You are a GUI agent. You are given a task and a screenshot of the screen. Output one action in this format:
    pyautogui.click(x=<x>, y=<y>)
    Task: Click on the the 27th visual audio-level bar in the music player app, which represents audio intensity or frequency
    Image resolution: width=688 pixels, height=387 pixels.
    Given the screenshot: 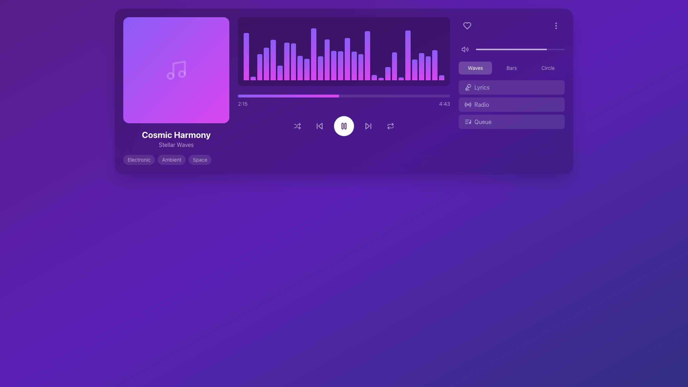 What is the action you would take?
    pyautogui.click(x=421, y=67)
    